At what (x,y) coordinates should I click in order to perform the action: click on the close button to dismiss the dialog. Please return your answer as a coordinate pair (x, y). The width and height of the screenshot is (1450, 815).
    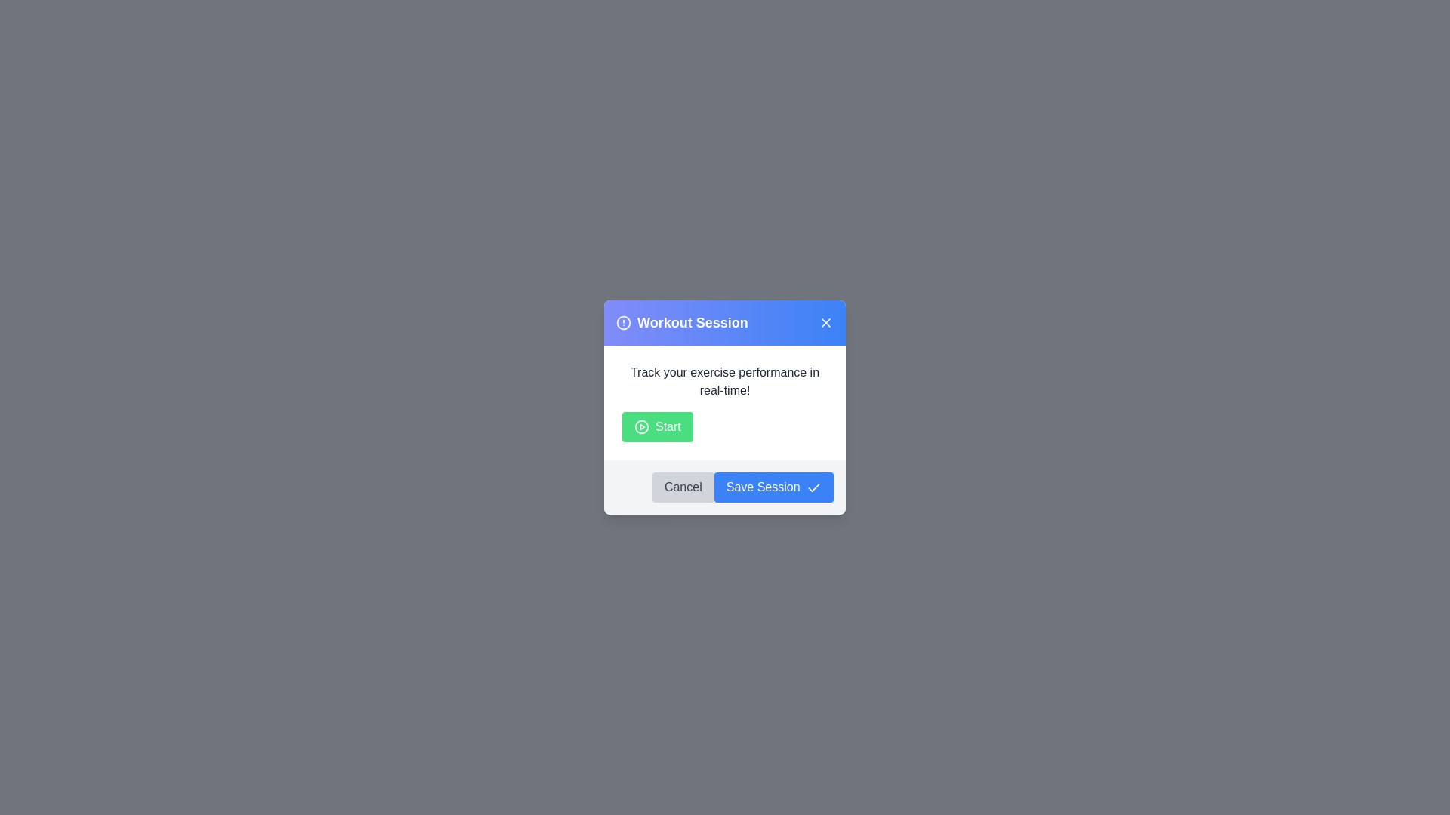
    Looking at the image, I should click on (825, 322).